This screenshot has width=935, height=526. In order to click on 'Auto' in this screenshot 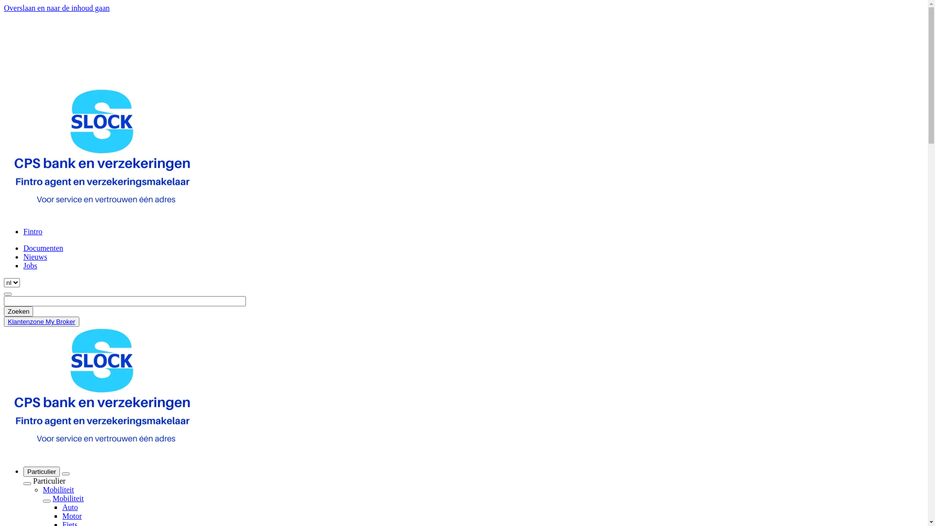, I will do `click(70, 507)`.